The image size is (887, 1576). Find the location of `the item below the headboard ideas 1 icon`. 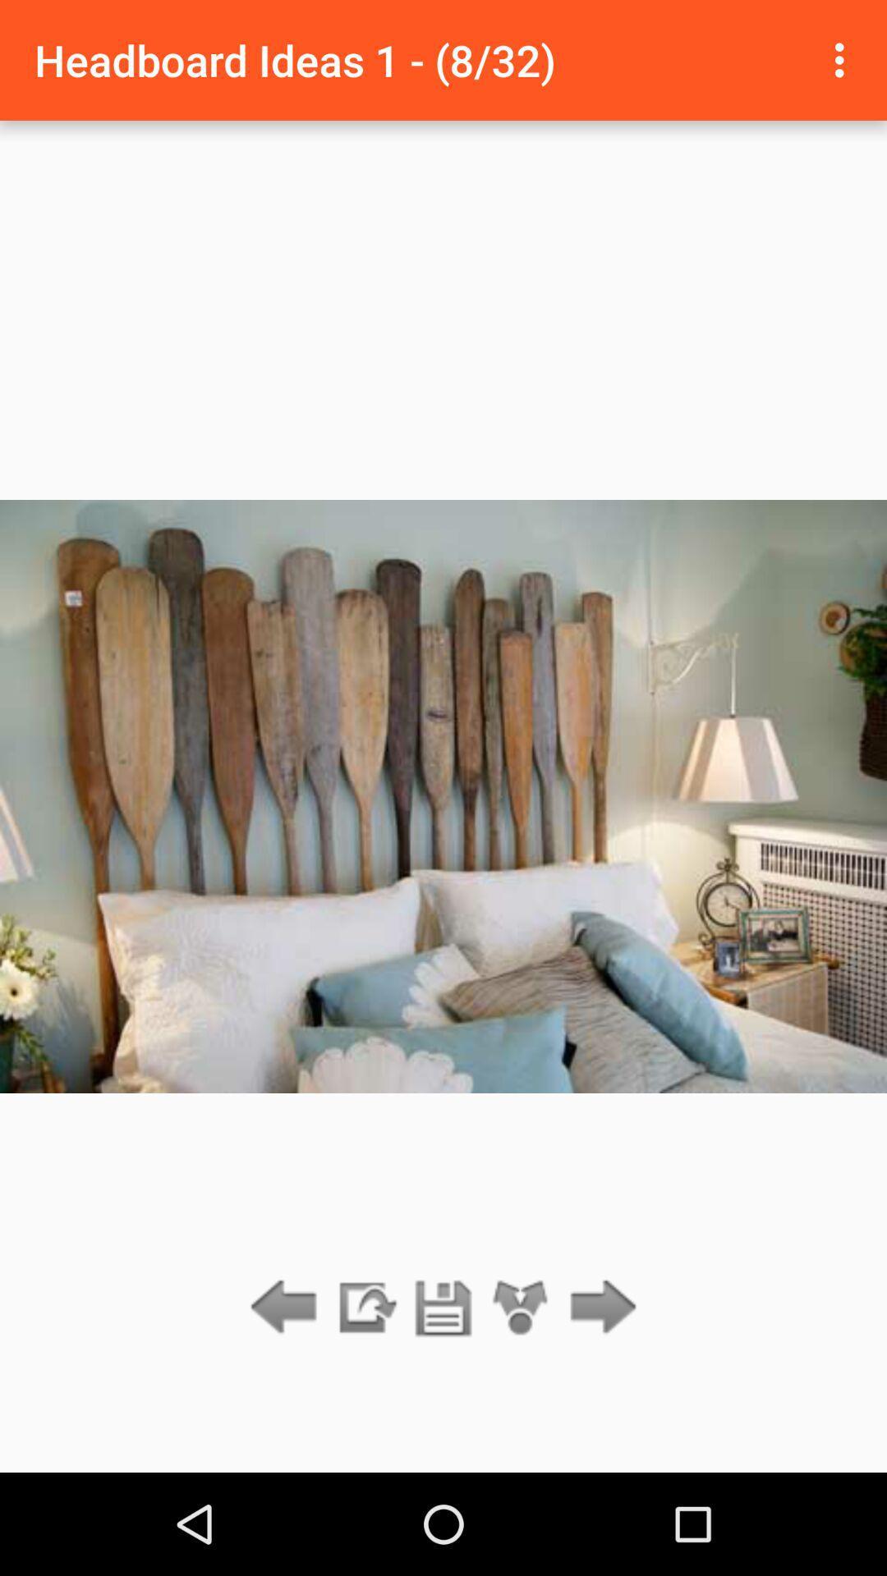

the item below the headboard ideas 1 icon is located at coordinates (443, 1308).